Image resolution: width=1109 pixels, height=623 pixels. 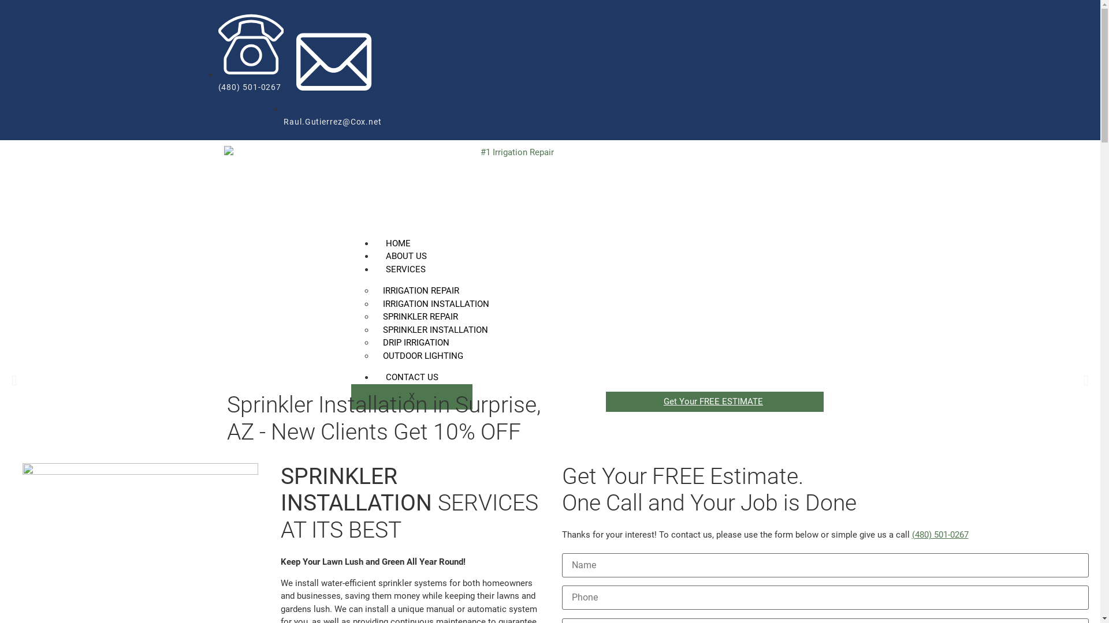 What do you see at coordinates (405, 269) in the screenshot?
I see `'SERVICES'` at bounding box center [405, 269].